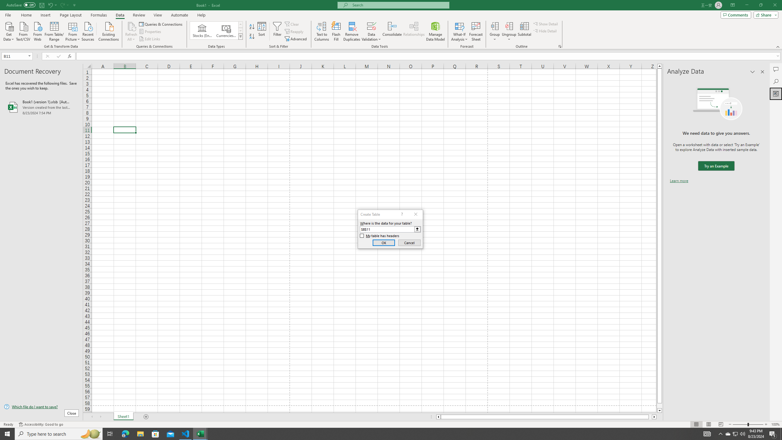 Image resolution: width=782 pixels, height=440 pixels. What do you see at coordinates (225, 30) in the screenshot?
I see `'Currencies (English)'` at bounding box center [225, 30].